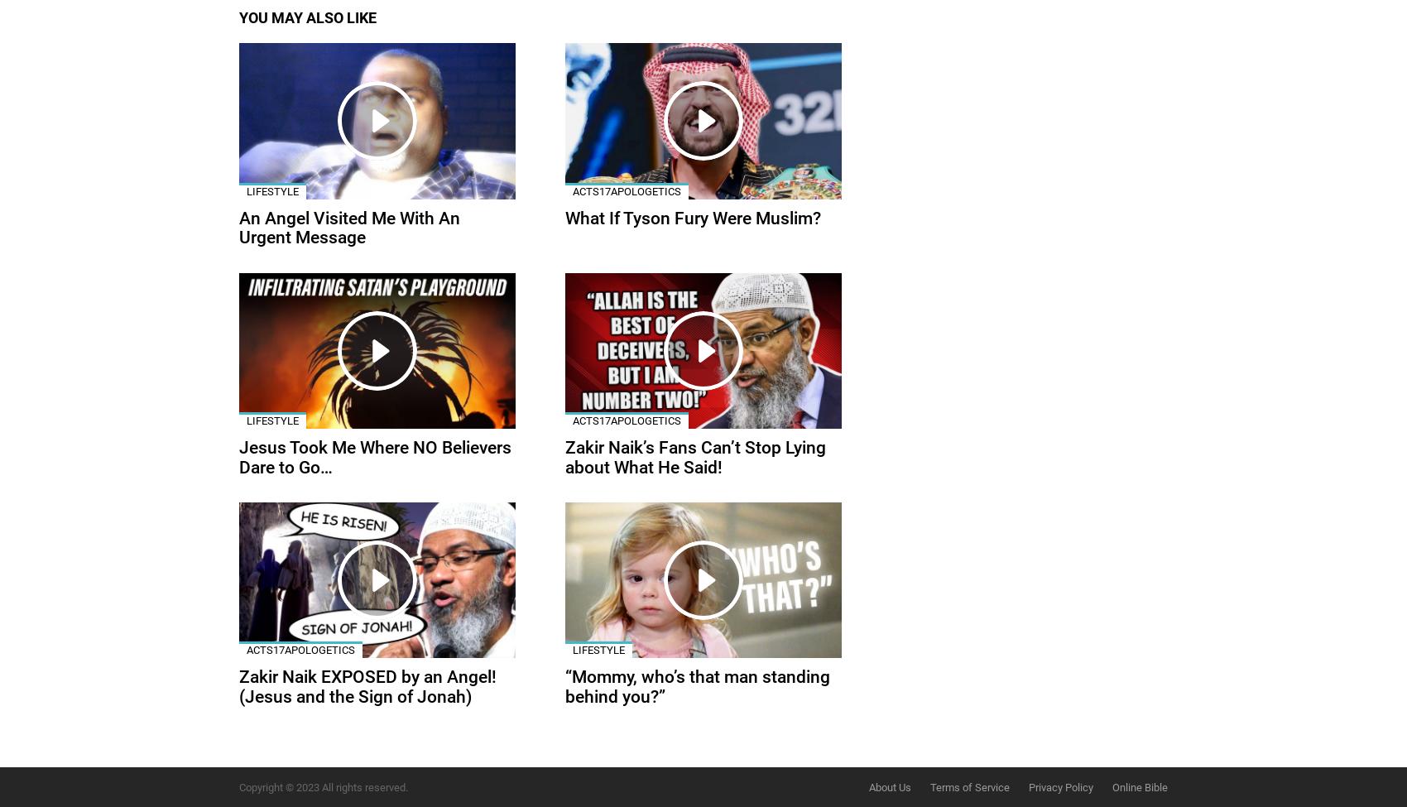 Image resolution: width=1407 pixels, height=807 pixels. Describe the element at coordinates (968, 785) in the screenshot. I see `'Terms of Service'` at that location.